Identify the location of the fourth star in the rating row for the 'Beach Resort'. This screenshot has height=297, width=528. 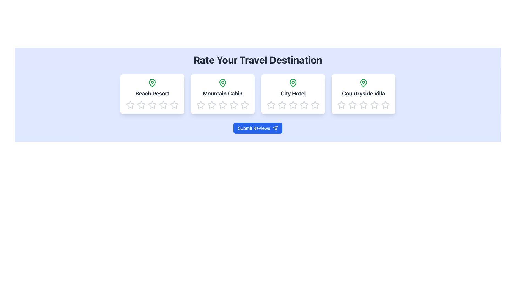
(152, 105).